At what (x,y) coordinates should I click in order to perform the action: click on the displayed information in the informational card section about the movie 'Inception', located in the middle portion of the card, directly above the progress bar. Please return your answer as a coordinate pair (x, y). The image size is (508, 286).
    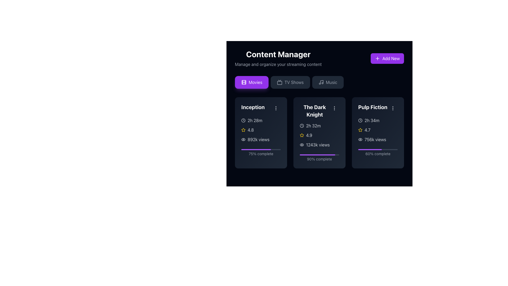
    Looking at the image, I should click on (261, 130).